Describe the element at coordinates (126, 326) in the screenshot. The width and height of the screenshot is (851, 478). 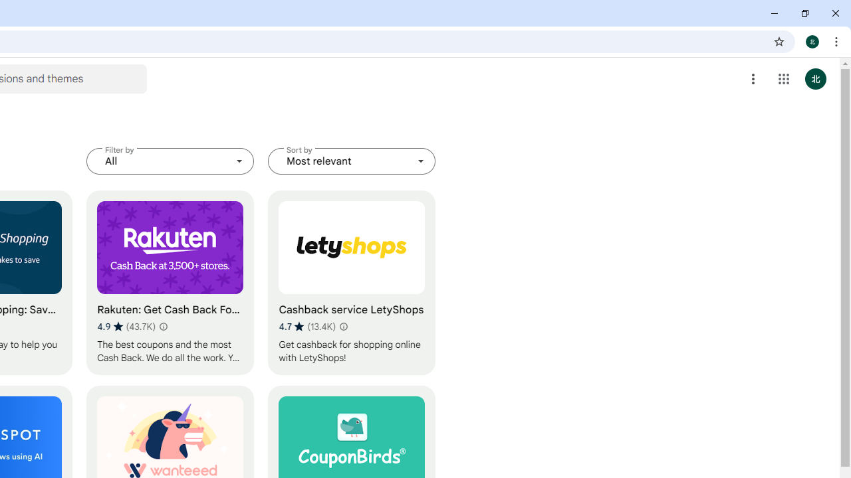
I see `'Average rating 4.9 out of 5 stars. 43.7K ratings.'` at that location.